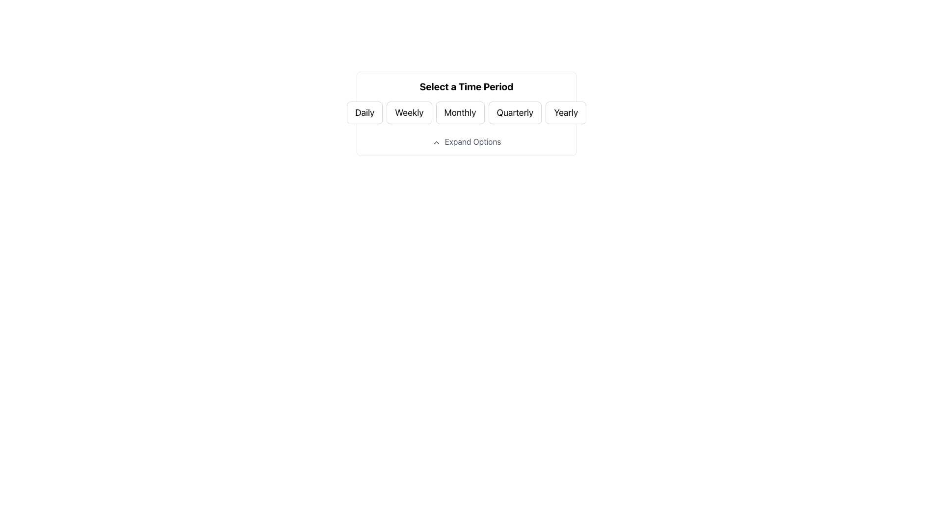 The width and height of the screenshot is (942, 530). Describe the element at coordinates (566, 112) in the screenshot. I see `the 'Yearly' selection button, which is the fifth button in the series under the 'Select a Time Period' heading` at that location.